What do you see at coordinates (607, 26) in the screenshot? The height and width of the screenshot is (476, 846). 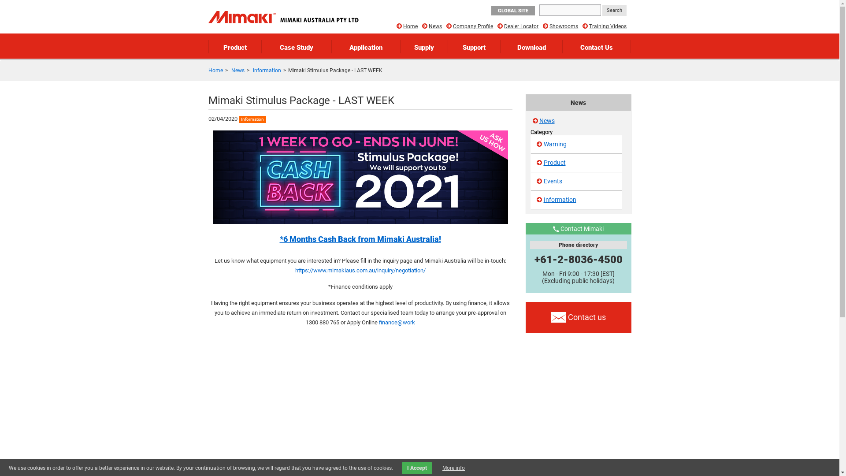 I see `'Training Videos'` at bounding box center [607, 26].